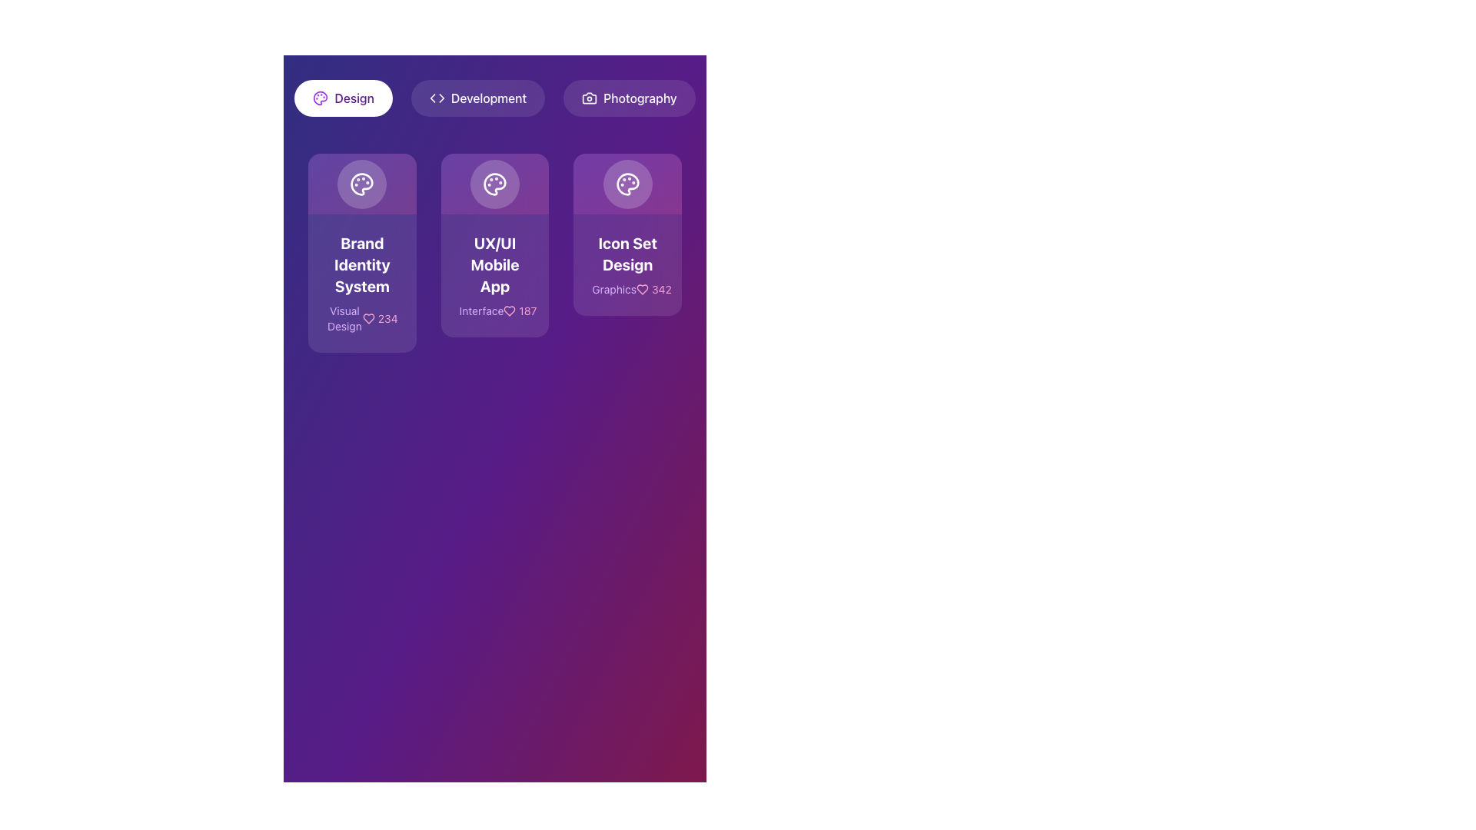  I want to click on text content of the 'Visual Design' text label, which is displayed in a light purple font on a darker purple background, positioned above the like counter and heart icon on the 'Brand Identity System' card, so click(344, 318).